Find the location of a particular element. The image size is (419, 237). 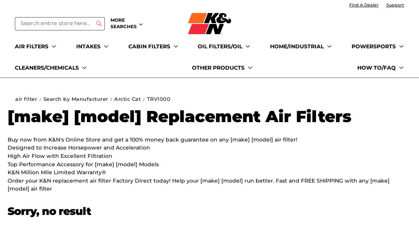

'[make] [model] Replacement Air Filters' is located at coordinates (7, 116).